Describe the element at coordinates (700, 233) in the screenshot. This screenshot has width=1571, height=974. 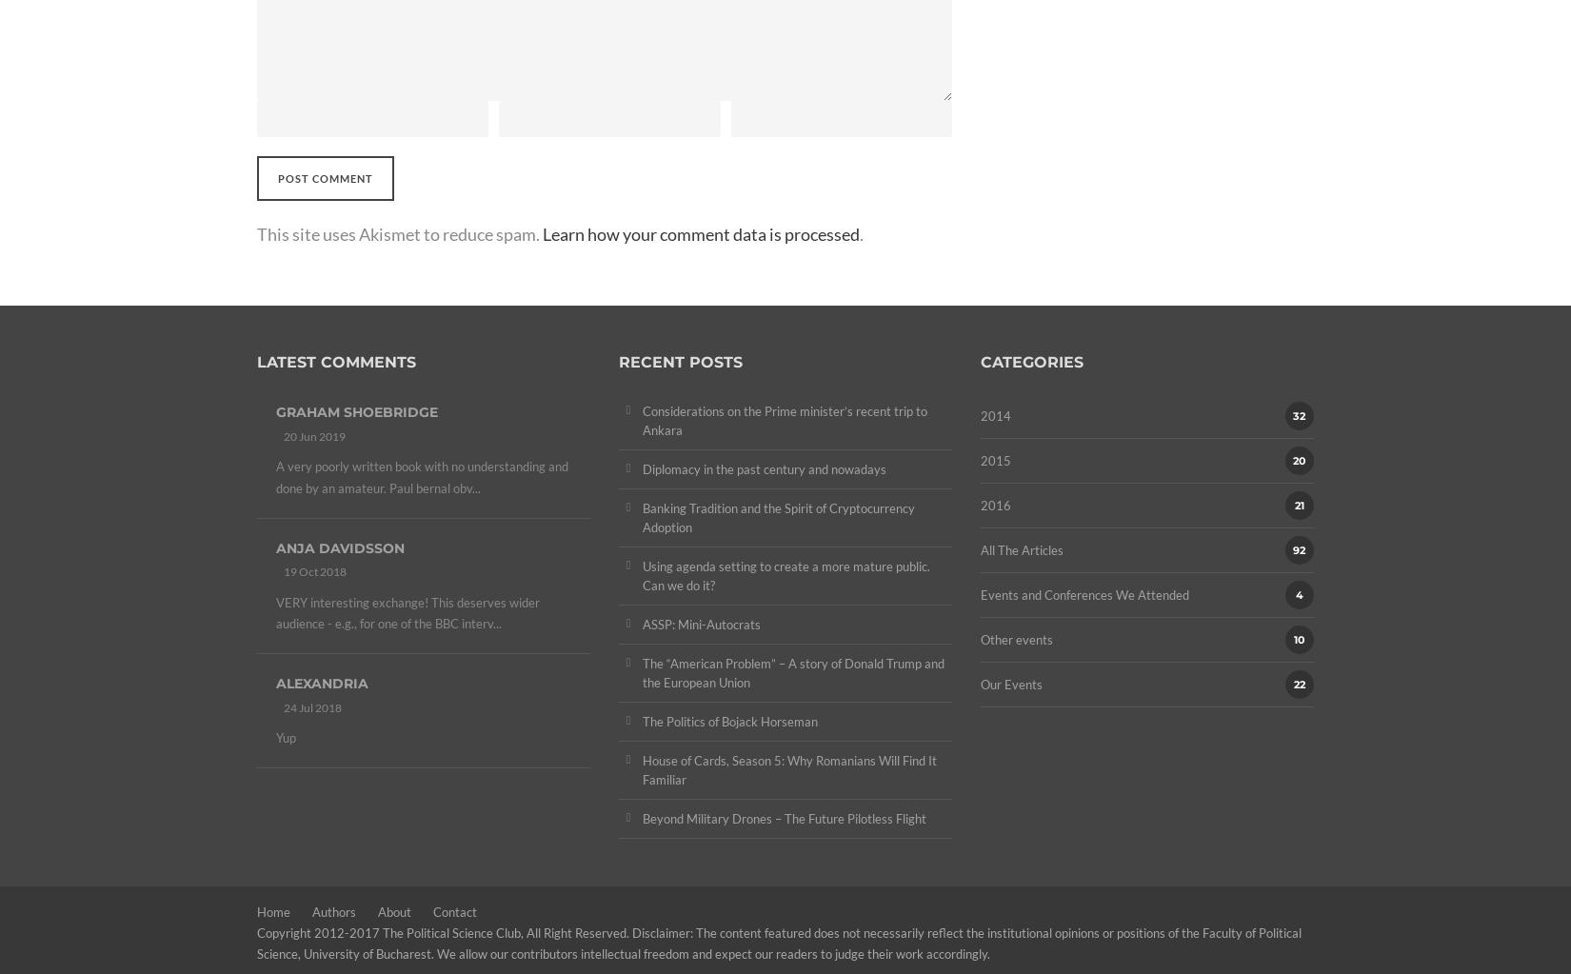
I see `'Learn how your comment data is processed'` at that location.